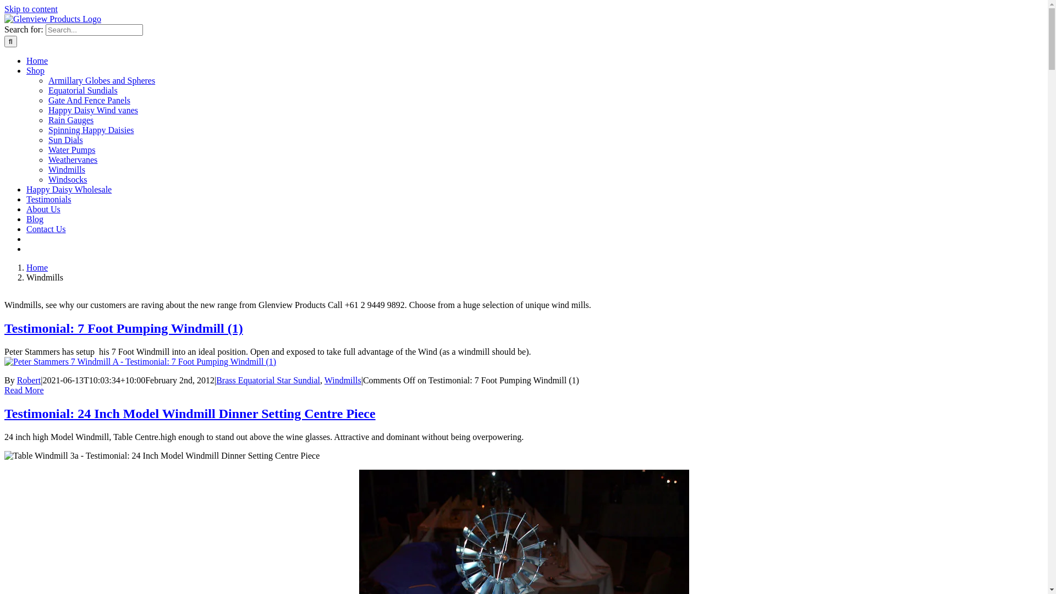 This screenshot has height=594, width=1056. Describe the element at coordinates (67, 179) in the screenshot. I see `'Windsocks'` at that location.